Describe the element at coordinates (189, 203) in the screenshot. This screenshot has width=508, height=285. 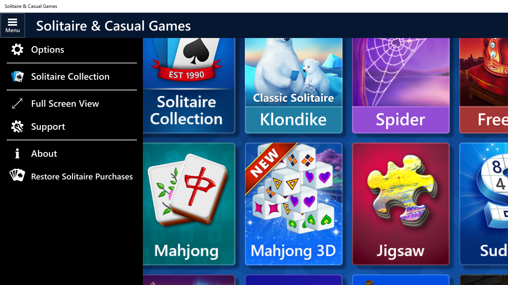
I see `'Microsoft Mahjong'` at that location.